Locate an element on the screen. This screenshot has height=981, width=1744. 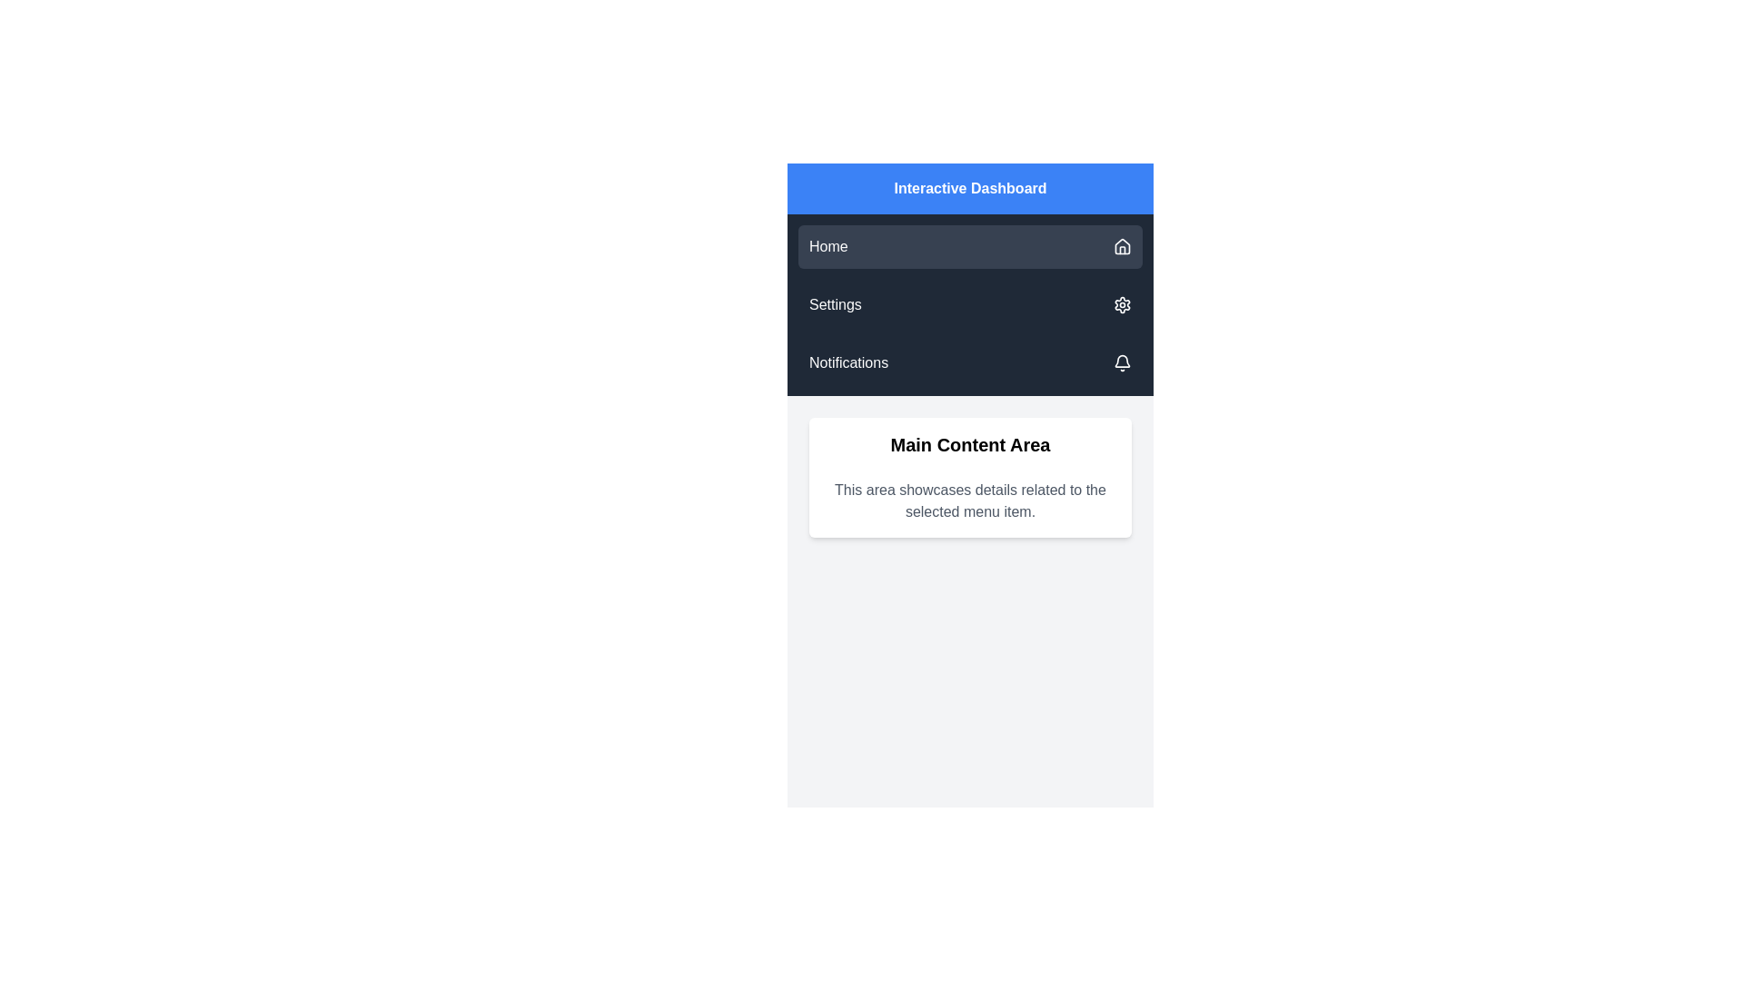
the gear-shaped icon located in the vertical menu next to the 'Settings' text label is located at coordinates (1122, 303).